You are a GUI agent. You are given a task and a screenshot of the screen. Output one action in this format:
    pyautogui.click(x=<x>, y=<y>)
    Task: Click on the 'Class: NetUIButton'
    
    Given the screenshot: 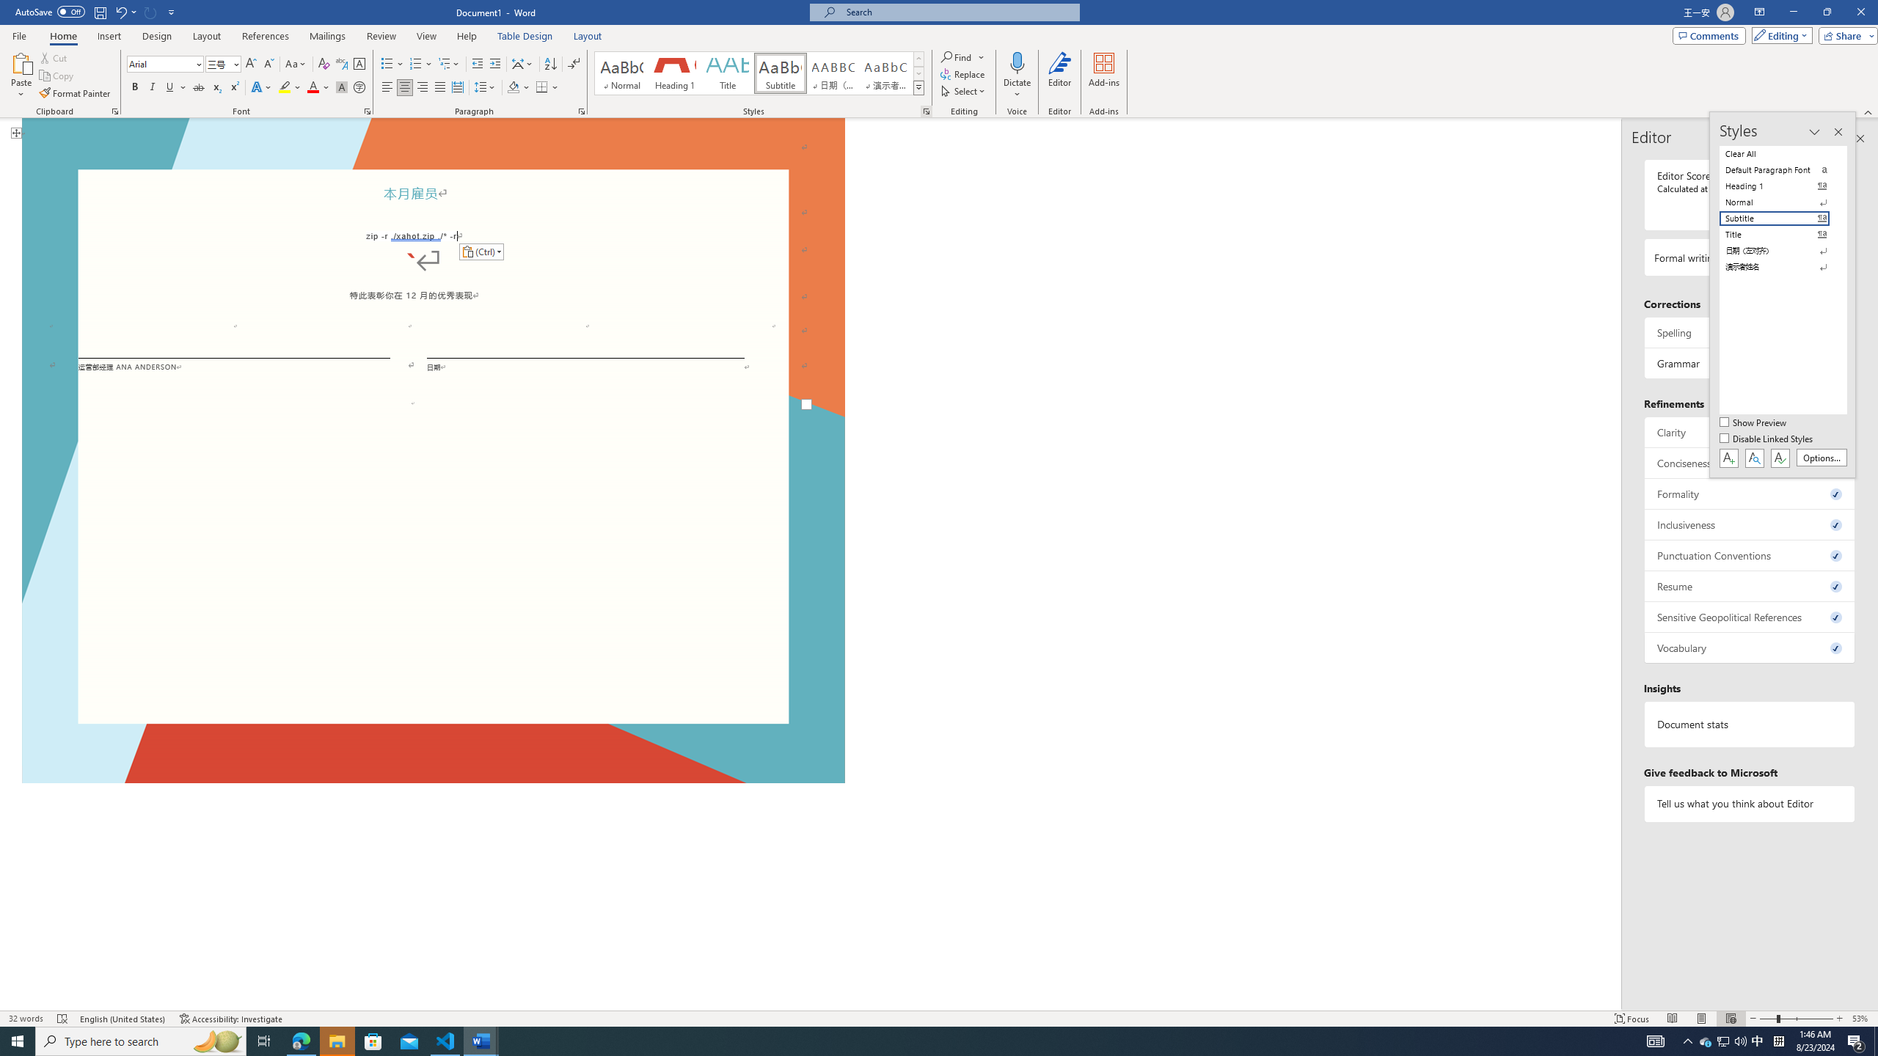 What is the action you would take?
    pyautogui.click(x=1779, y=458)
    